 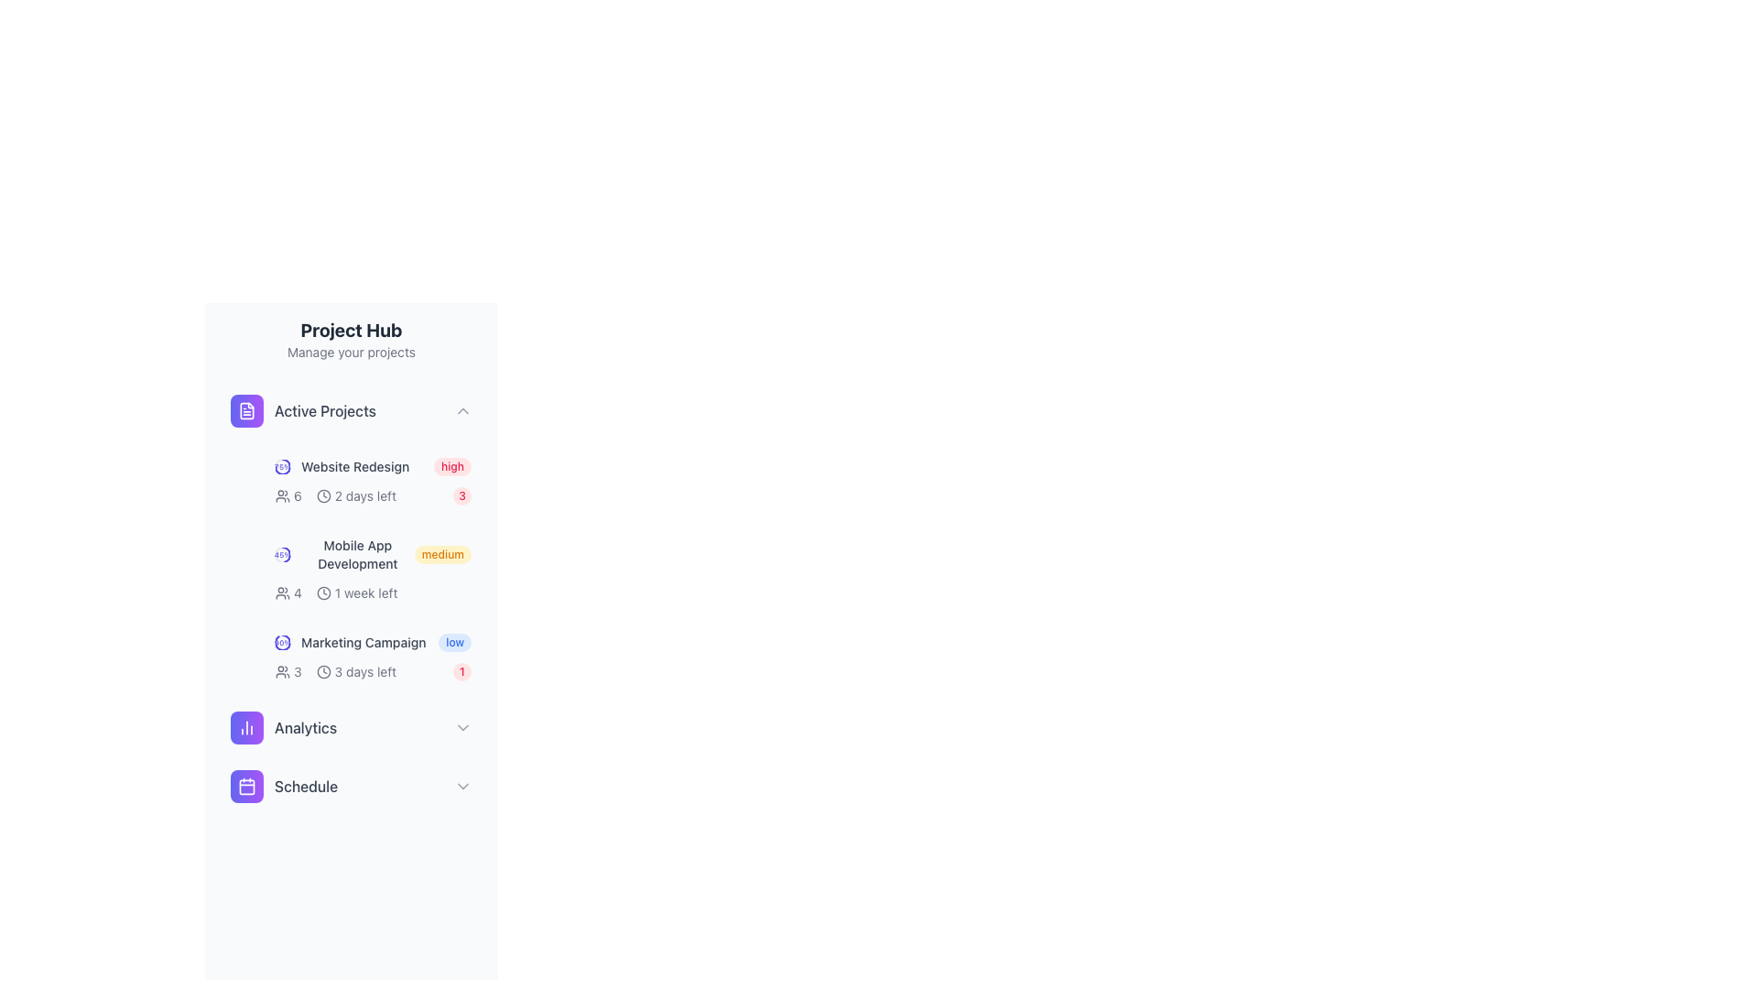 I want to click on the menu item located below the active projects list and above the 'Schedule' menu item, so click(x=352, y=726).